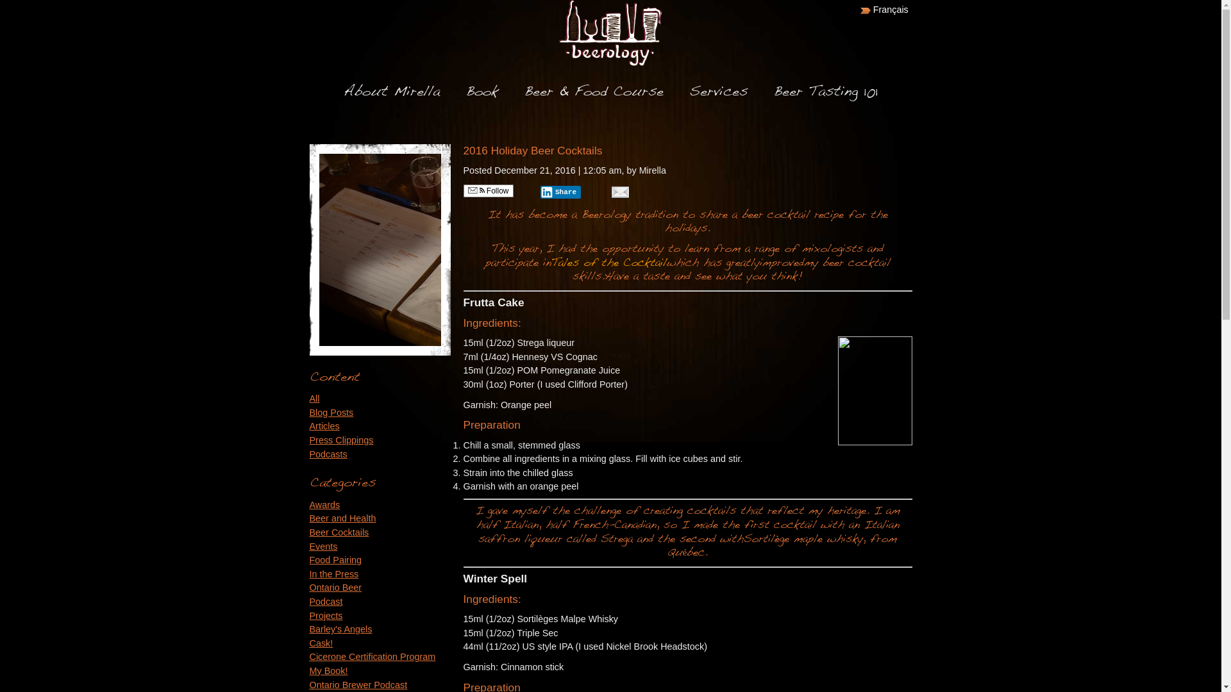 This screenshot has width=1231, height=692. Describe the element at coordinates (340, 629) in the screenshot. I see `'Barley's Angels'` at that location.